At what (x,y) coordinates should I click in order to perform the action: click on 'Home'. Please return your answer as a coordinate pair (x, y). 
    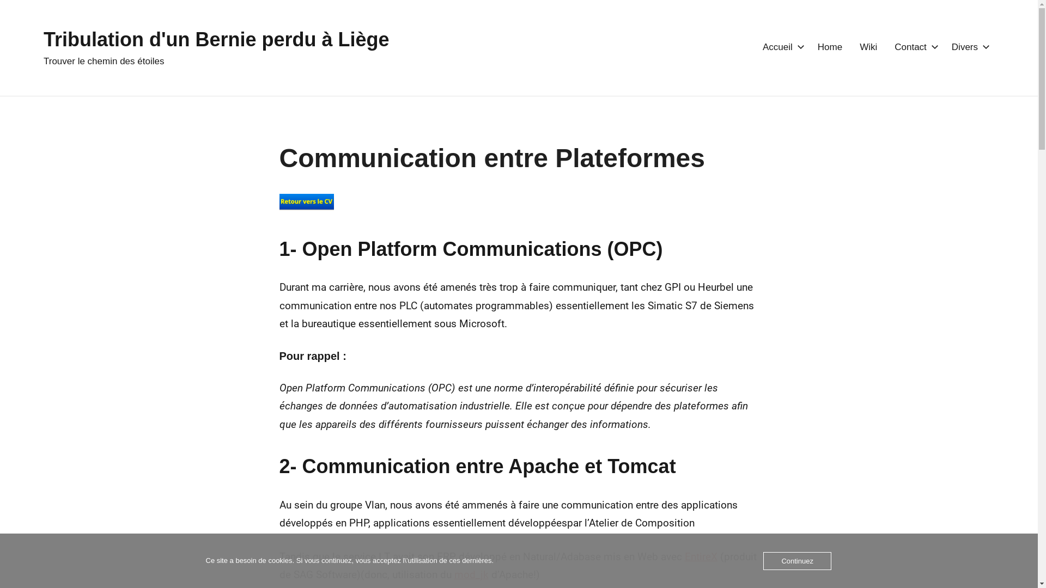
    Looking at the image, I should click on (818, 47).